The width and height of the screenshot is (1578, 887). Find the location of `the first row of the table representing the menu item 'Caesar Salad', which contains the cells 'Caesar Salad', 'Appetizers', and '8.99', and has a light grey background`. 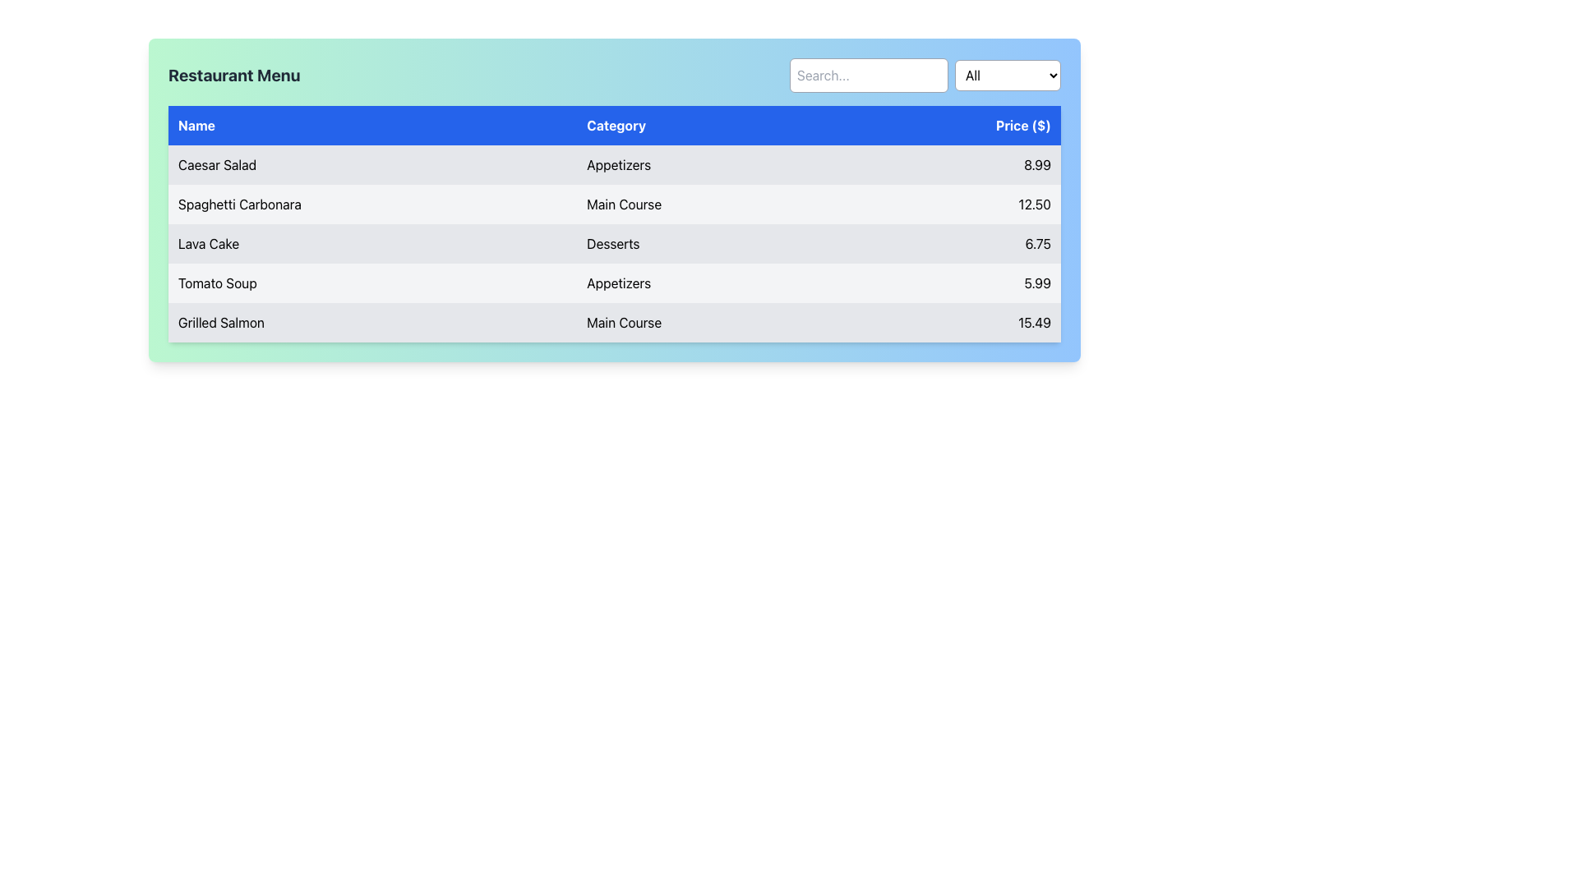

the first row of the table representing the menu item 'Caesar Salad', which contains the cells 'Caesar Salad', 'Appetizers', and '8.99', and has a light grey background is located at coordinates (614, 164).